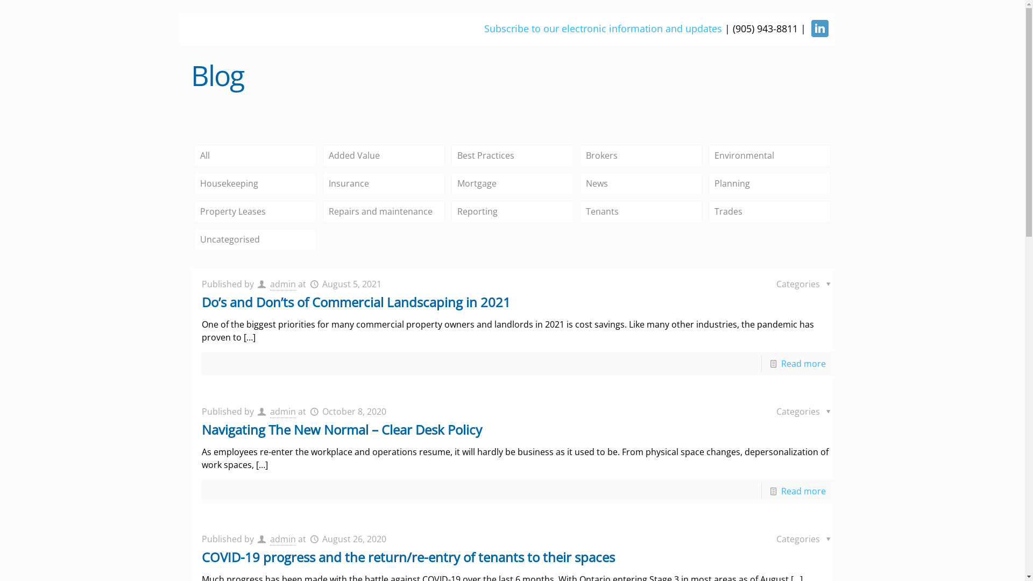 The width and height of the screenshot is (1033, 581). What do you see at coordinates (641, 155) in the screenshot?
I see `'Brokers'` at bounding box center [641, 155].